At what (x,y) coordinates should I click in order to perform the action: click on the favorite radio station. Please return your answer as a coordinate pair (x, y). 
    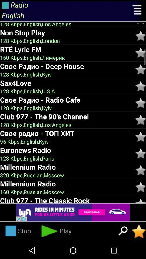
    Looking at the image, I should click on (139, 231).